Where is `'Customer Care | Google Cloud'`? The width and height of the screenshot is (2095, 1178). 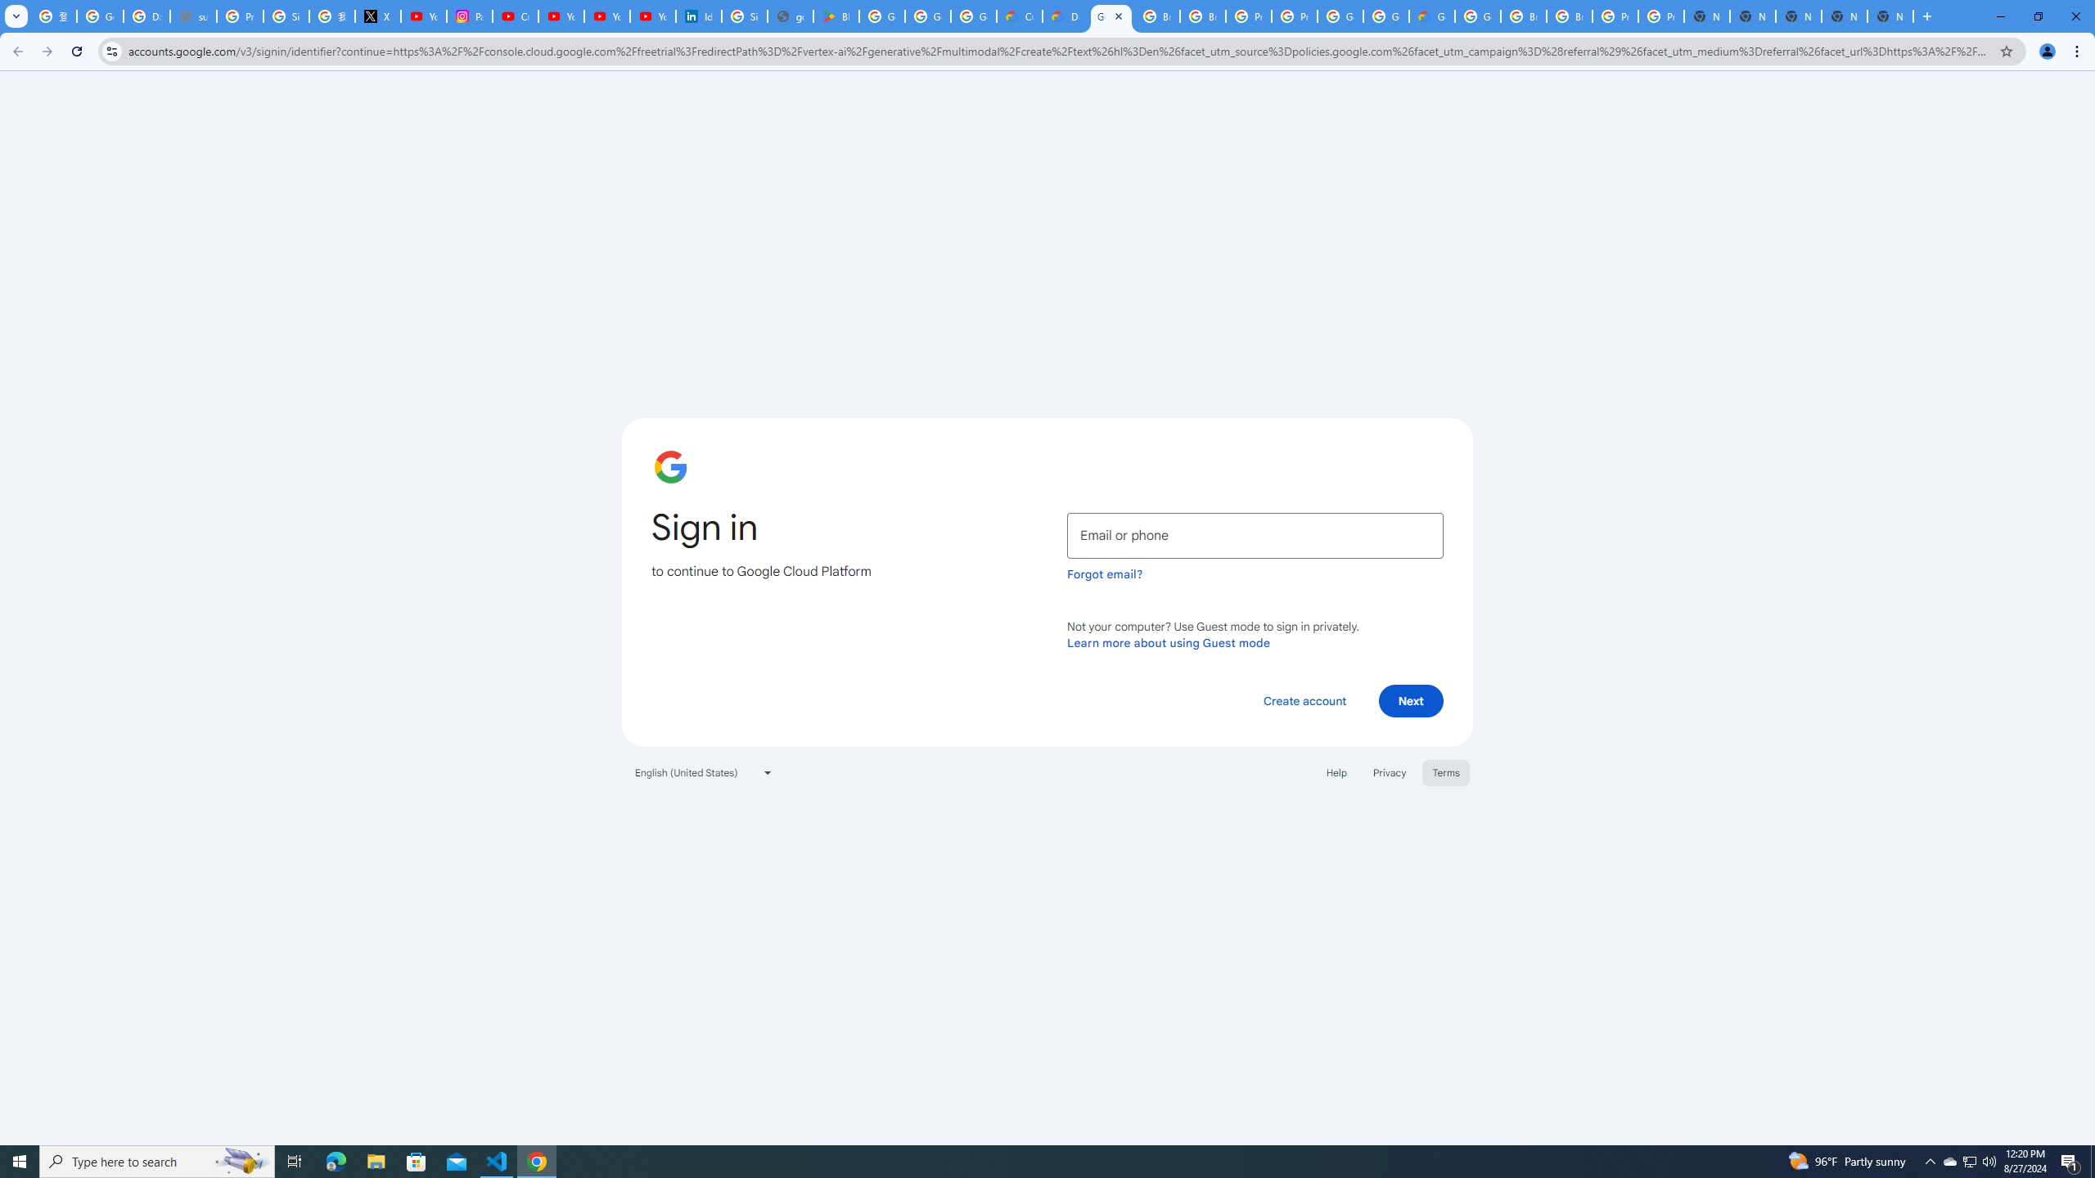
'Customer Care | Google Cloud' is located at coordinates (1018, 16).